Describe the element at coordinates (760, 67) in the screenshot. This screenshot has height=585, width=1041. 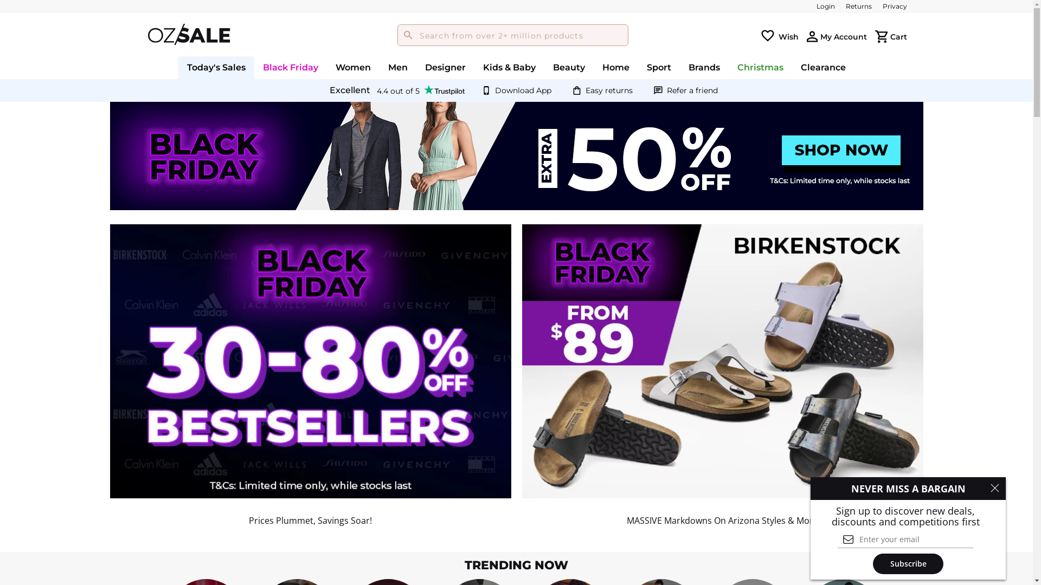
I see `'Christmas'` at that location.